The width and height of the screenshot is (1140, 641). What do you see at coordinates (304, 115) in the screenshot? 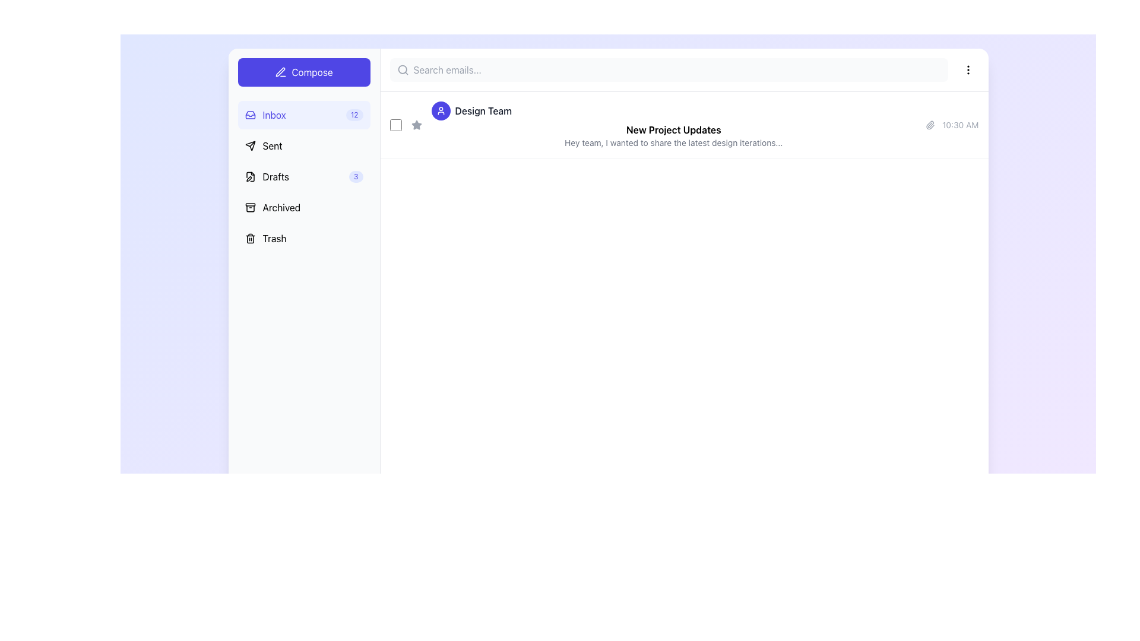
I see `the 'Inbox' button` at bounding box center [304, 115].